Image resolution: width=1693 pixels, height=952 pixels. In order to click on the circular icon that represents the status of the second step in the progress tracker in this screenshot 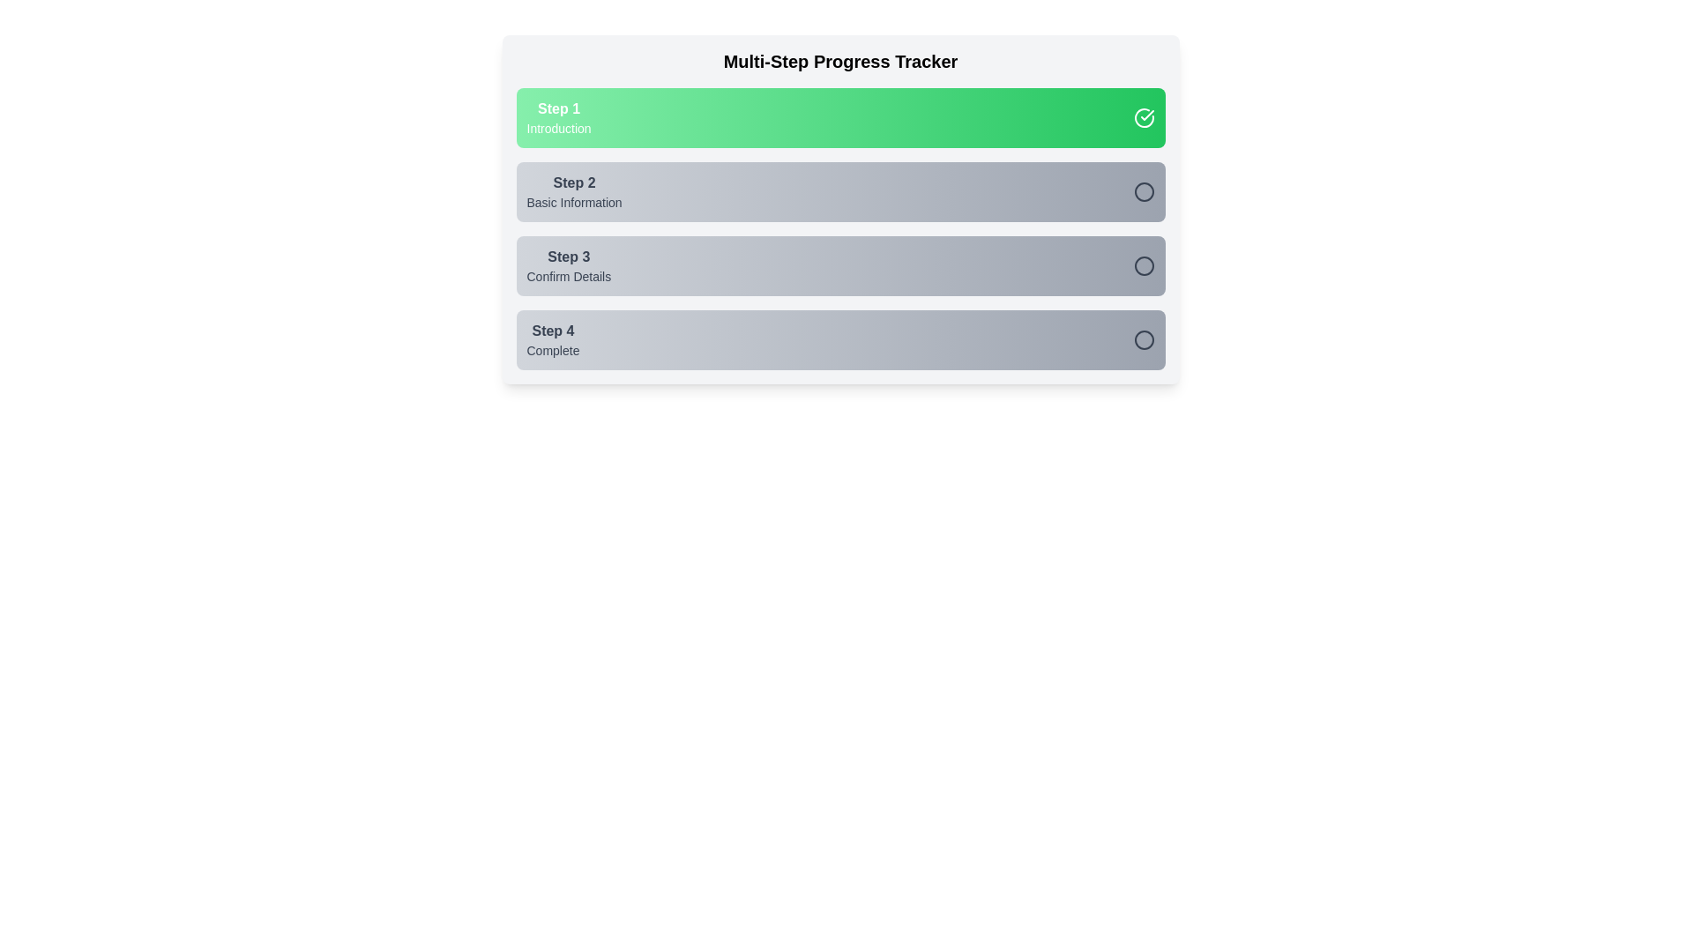, I will do `click(1144, 192)`.